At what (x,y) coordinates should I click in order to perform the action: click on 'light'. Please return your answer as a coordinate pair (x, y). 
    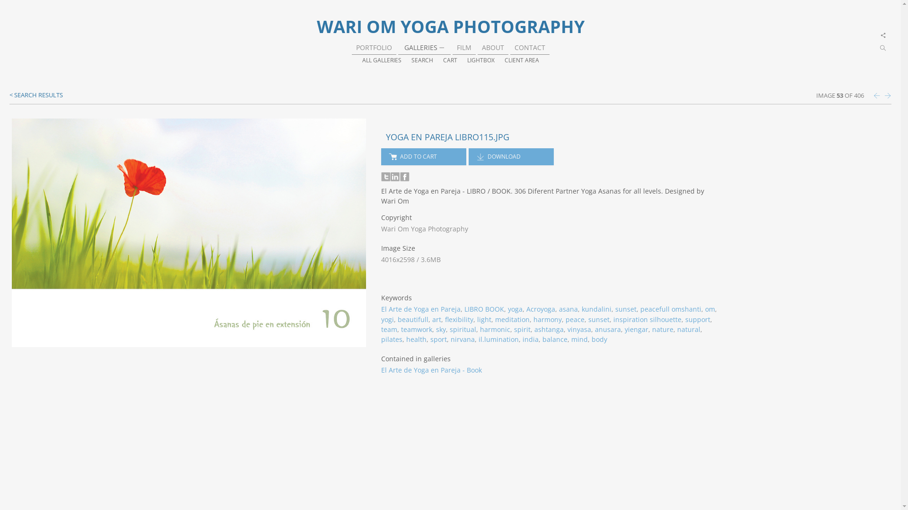
    Looking at the image, I should click on (484, 319).